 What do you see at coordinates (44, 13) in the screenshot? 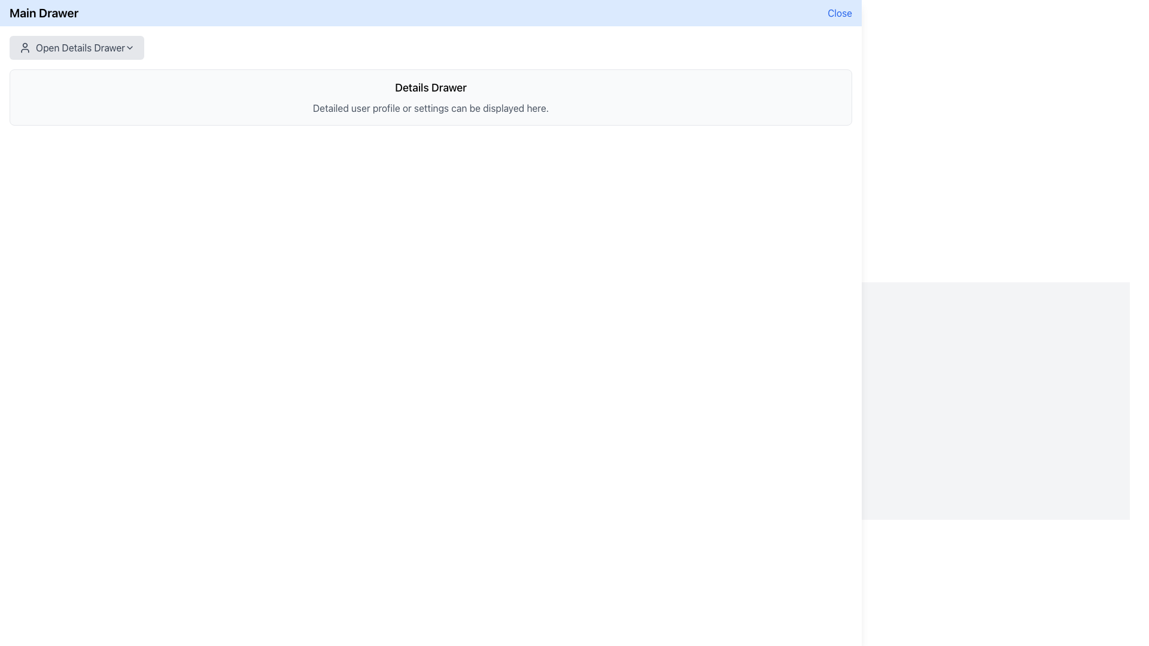
I see `the 'Main Drawer' text label located on the far left of a light blue banner at the top of the page` at bounding box center [44, 13].